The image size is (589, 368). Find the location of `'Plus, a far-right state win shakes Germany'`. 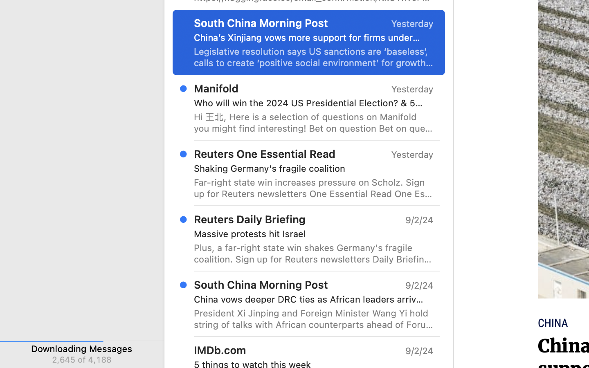

'Plus, a far-right state win shakes Germany' is located at coordinates (313, 254).